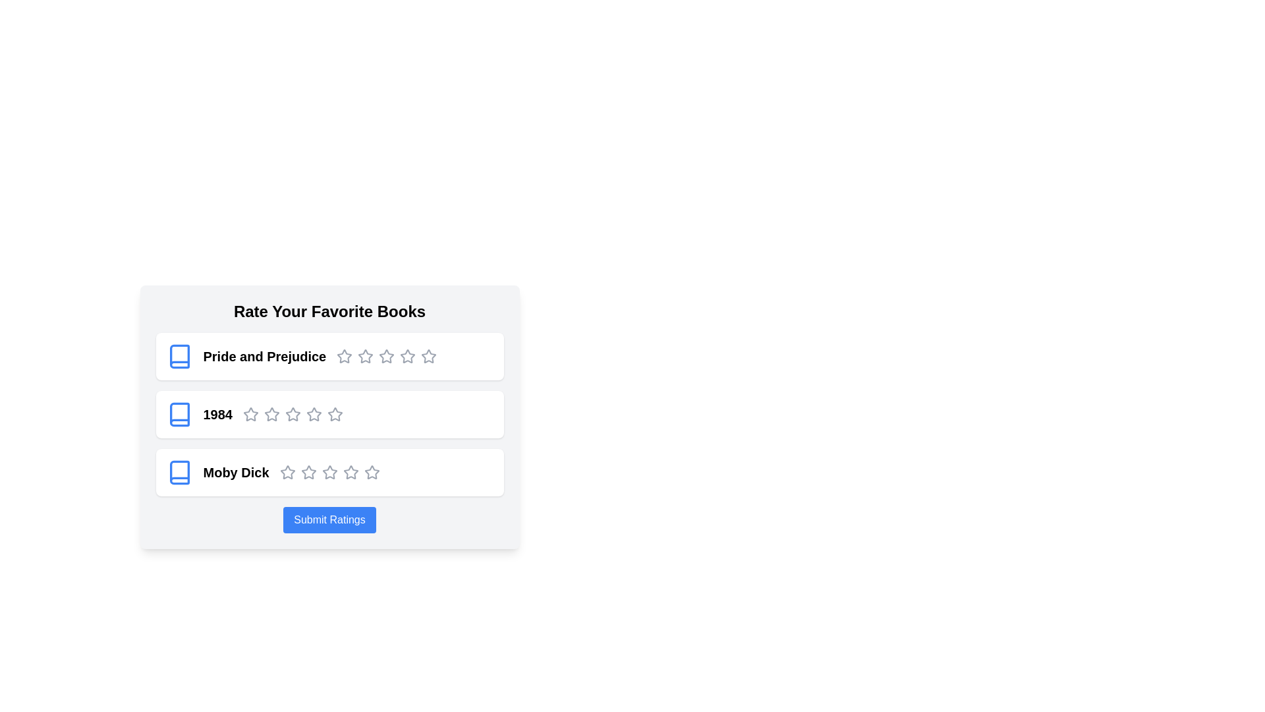  What do you see at coordinates (345, 356) in the screenshot?
I see `the star icons for the book 'Pride and Prejudice' to indicate their interactivity` at bounding box center [345, 356].